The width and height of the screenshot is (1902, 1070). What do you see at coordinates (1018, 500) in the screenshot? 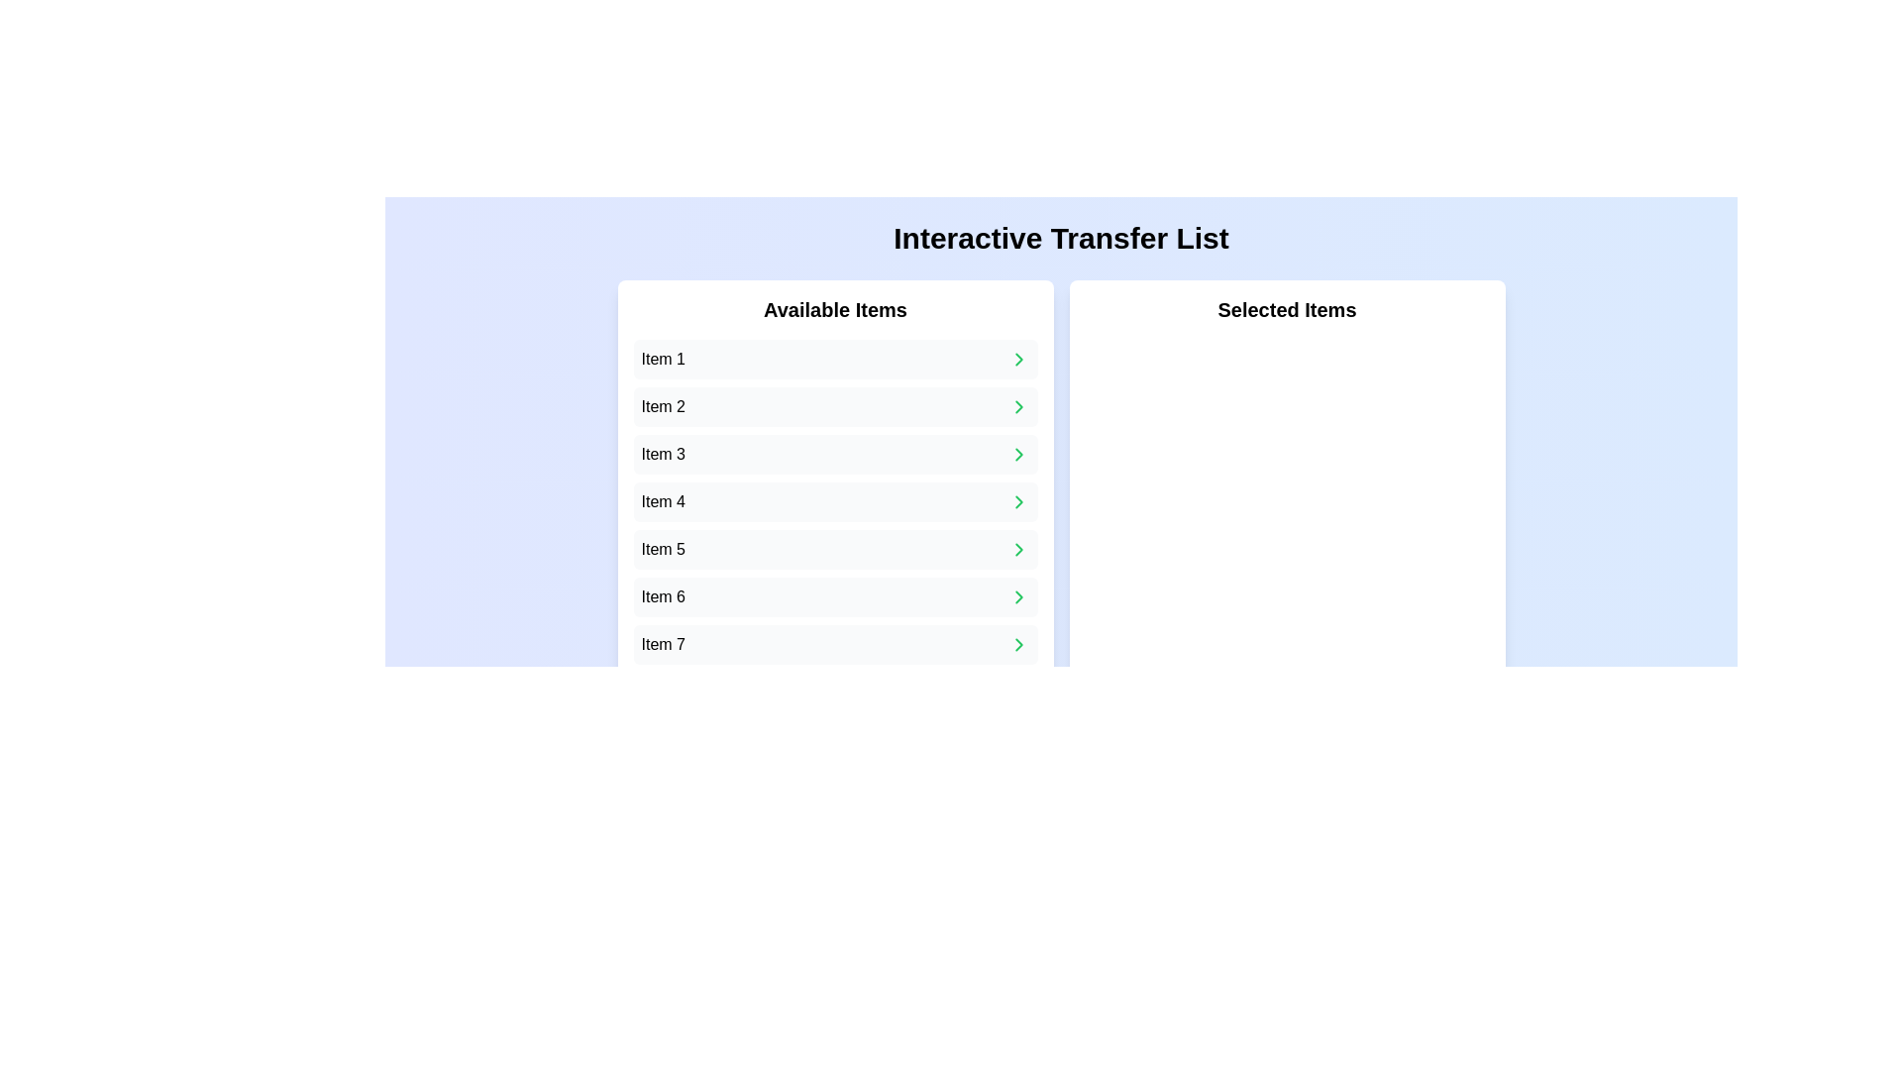
I see `the rightward-pointing green chevron icon next to 'Item 4'` at bounding box center [1018, 500].